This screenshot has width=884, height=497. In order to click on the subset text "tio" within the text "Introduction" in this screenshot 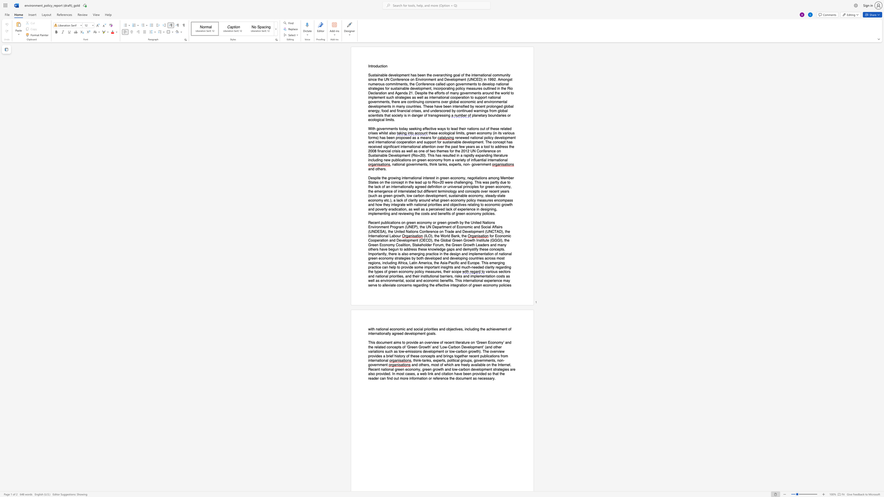, I will do `click(381, 66)`.